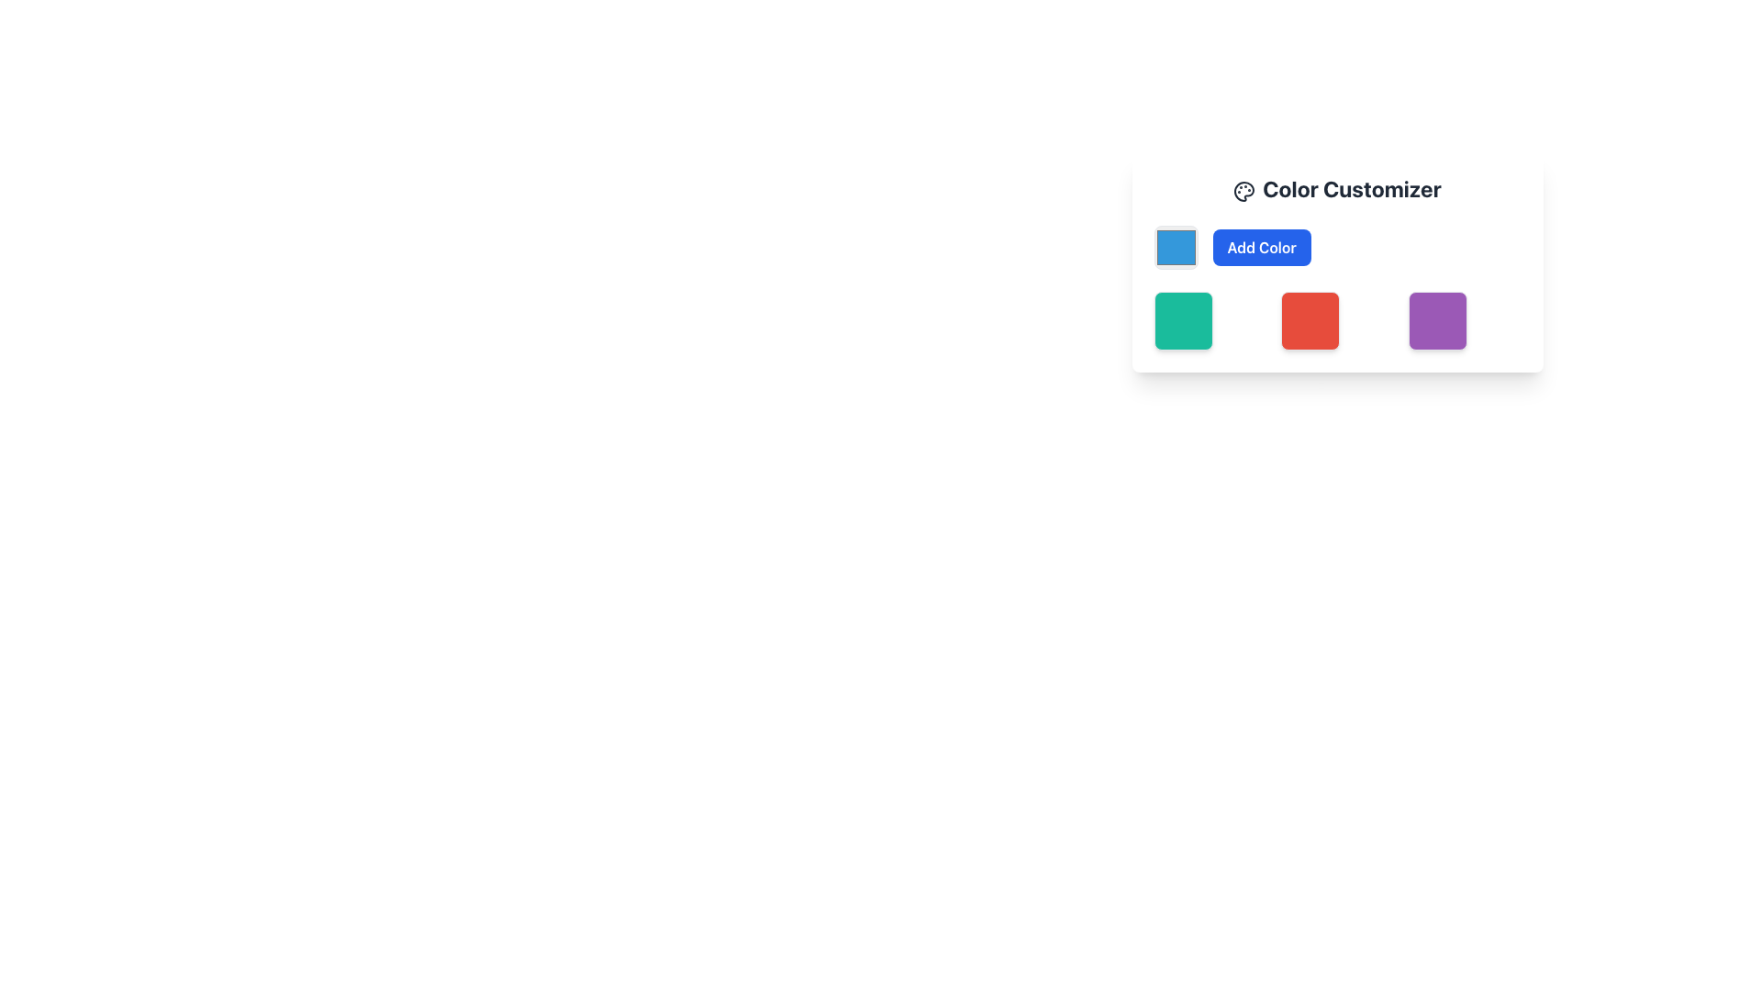 The image size is (1762, 991). What do you see at coordinates (1337, 320) in the screenshot?
I see `the red square in the Color Customizer grid` at bounding box center [1337, 320].